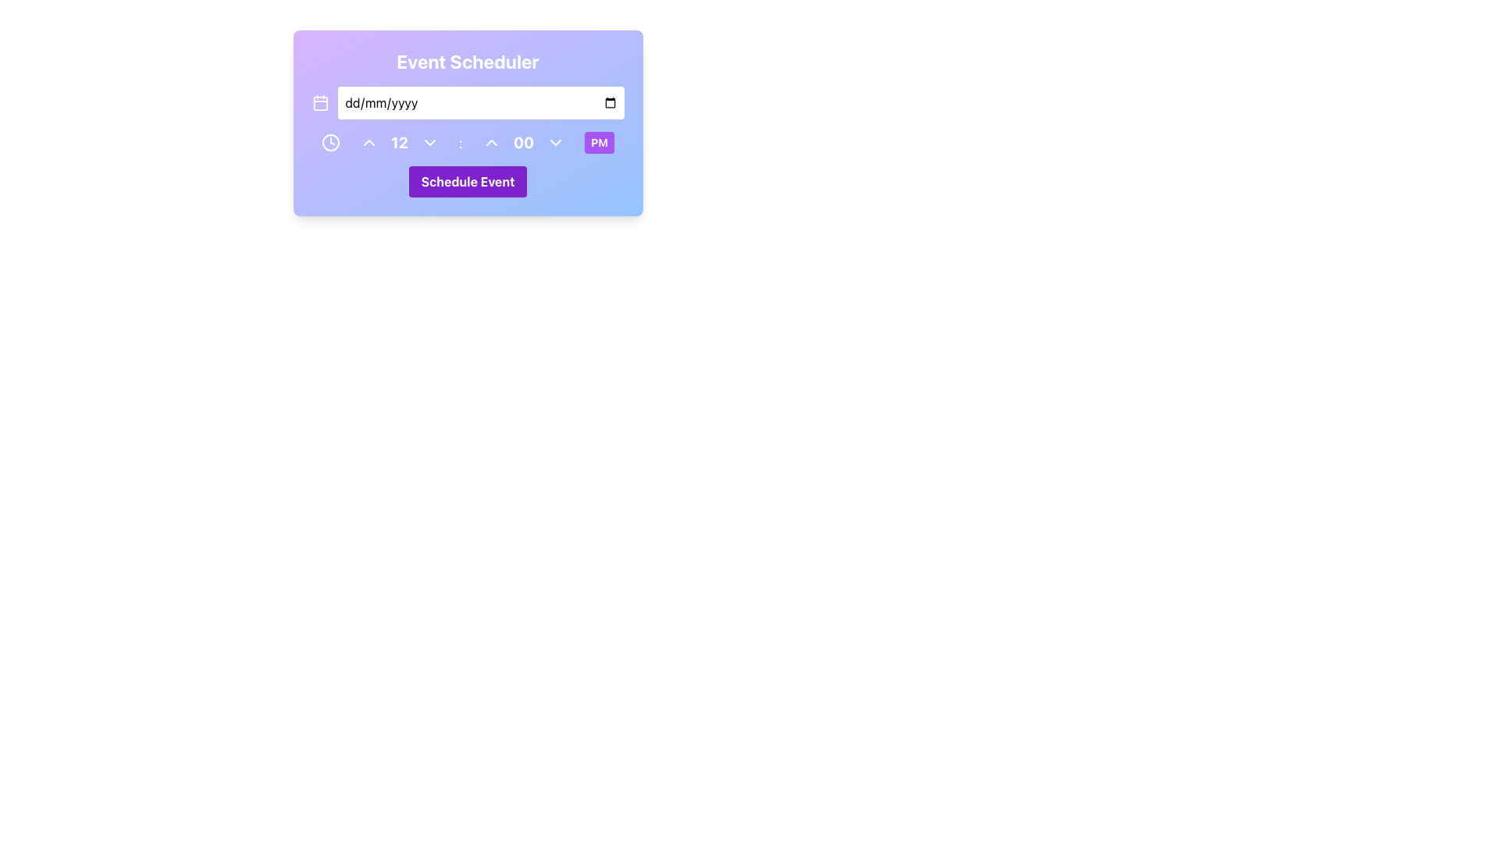 This screenshot has width=1499, height=843. Describe the element at coordinates (329, 142) in the screenshot. I see `the clock icon, which is styled with a circular outline and hands indicating time, located to the left of the numeric time selector '12' in the central part of the time selection control` at that location.